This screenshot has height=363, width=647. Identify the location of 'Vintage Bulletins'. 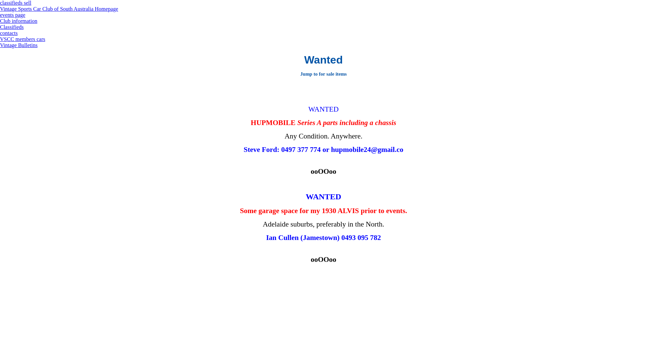
(19, 45).